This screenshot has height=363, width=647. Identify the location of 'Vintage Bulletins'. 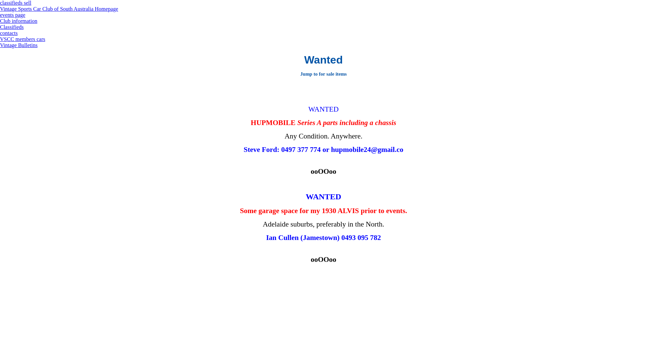
(19, 45).